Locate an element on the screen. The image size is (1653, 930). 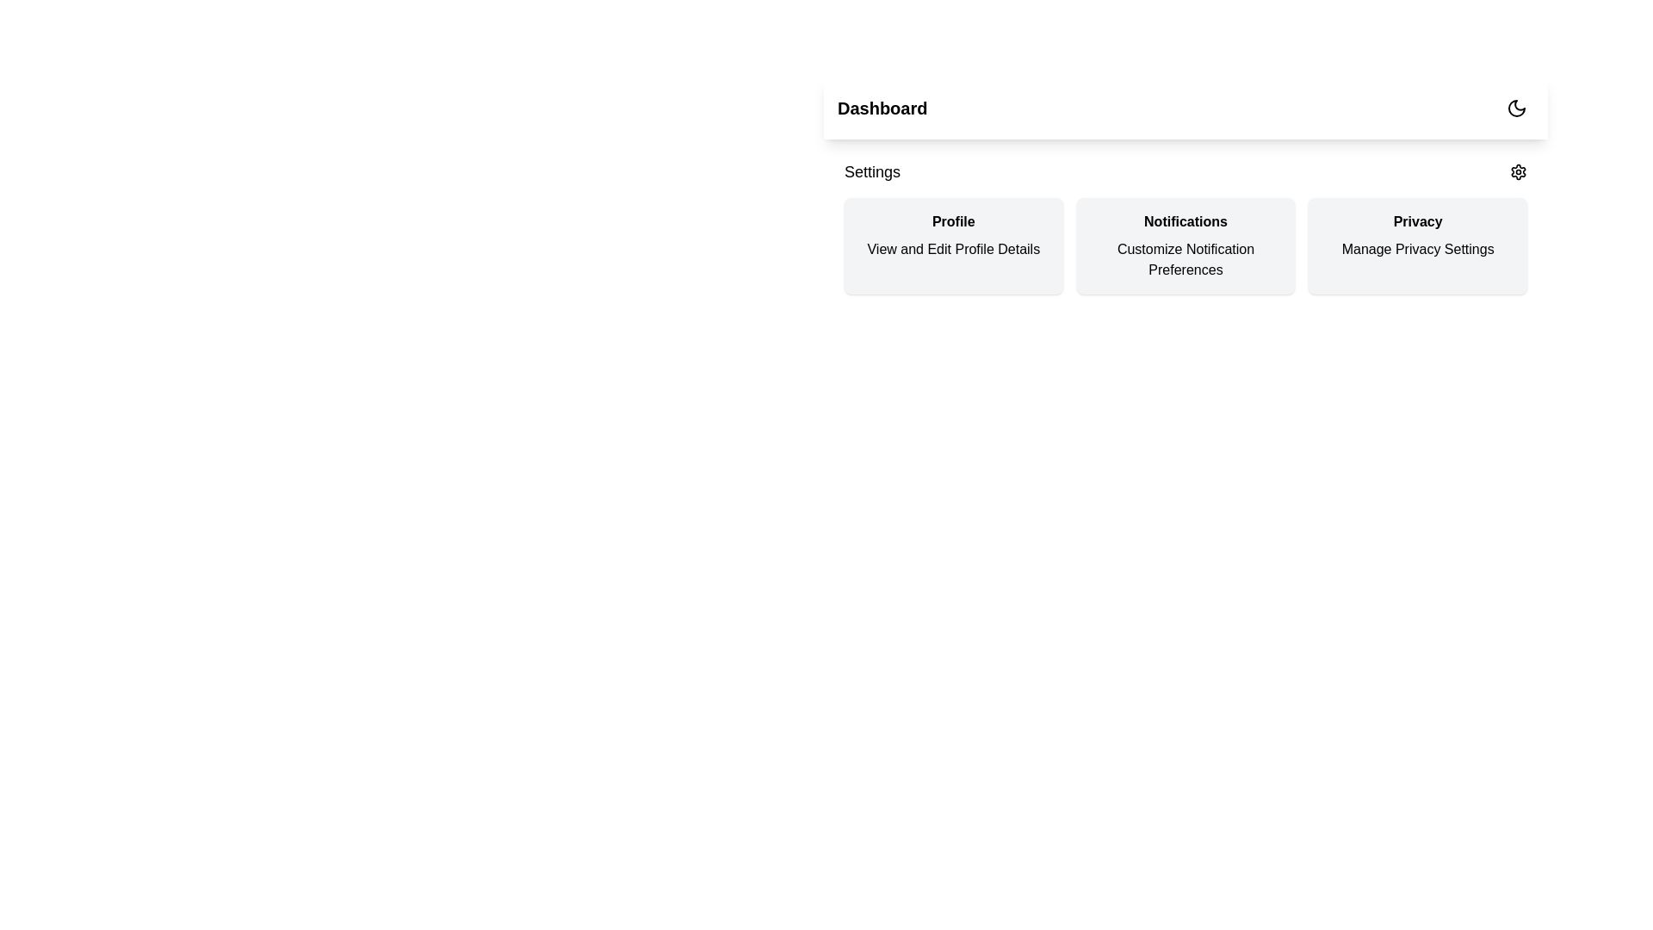
the circular button with a moon icon located on the far right of the header section labeled 'Dashboard' is located at coordinates (1516, 108).